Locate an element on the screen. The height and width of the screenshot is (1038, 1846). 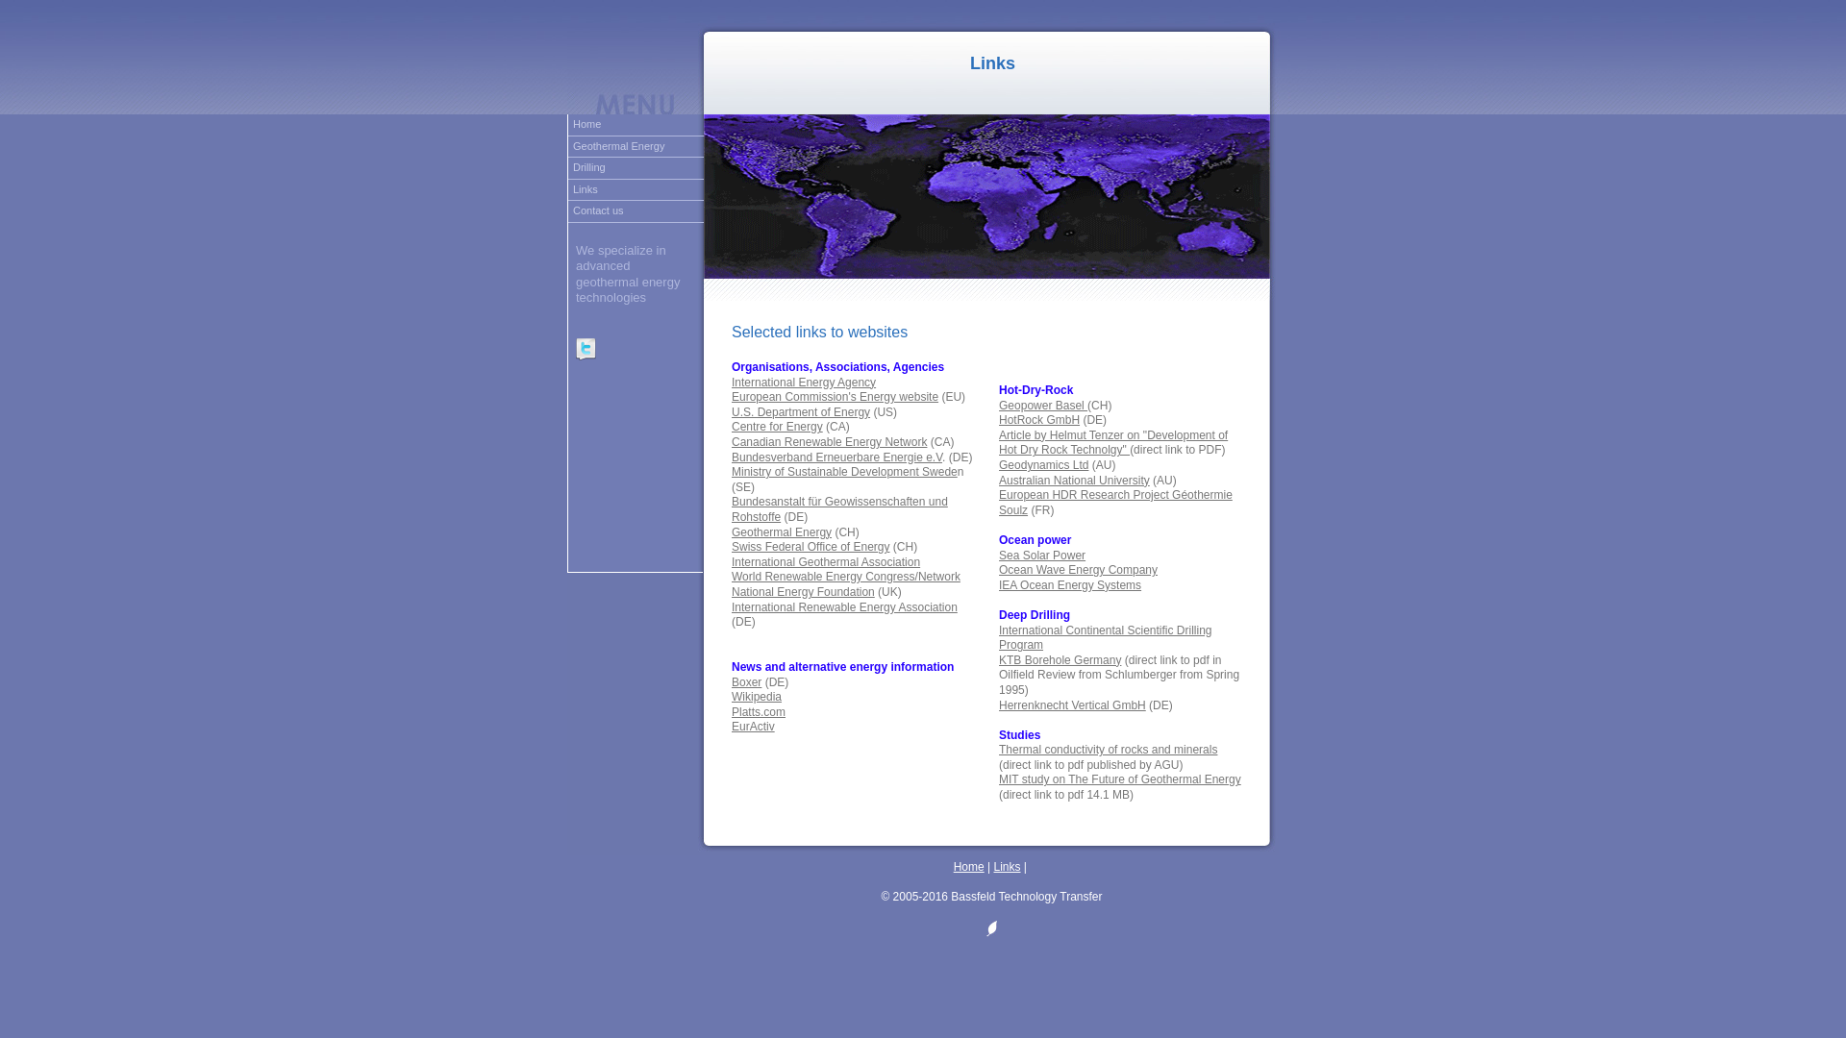
'Australian National University' is located at coordinates (1073, 480).